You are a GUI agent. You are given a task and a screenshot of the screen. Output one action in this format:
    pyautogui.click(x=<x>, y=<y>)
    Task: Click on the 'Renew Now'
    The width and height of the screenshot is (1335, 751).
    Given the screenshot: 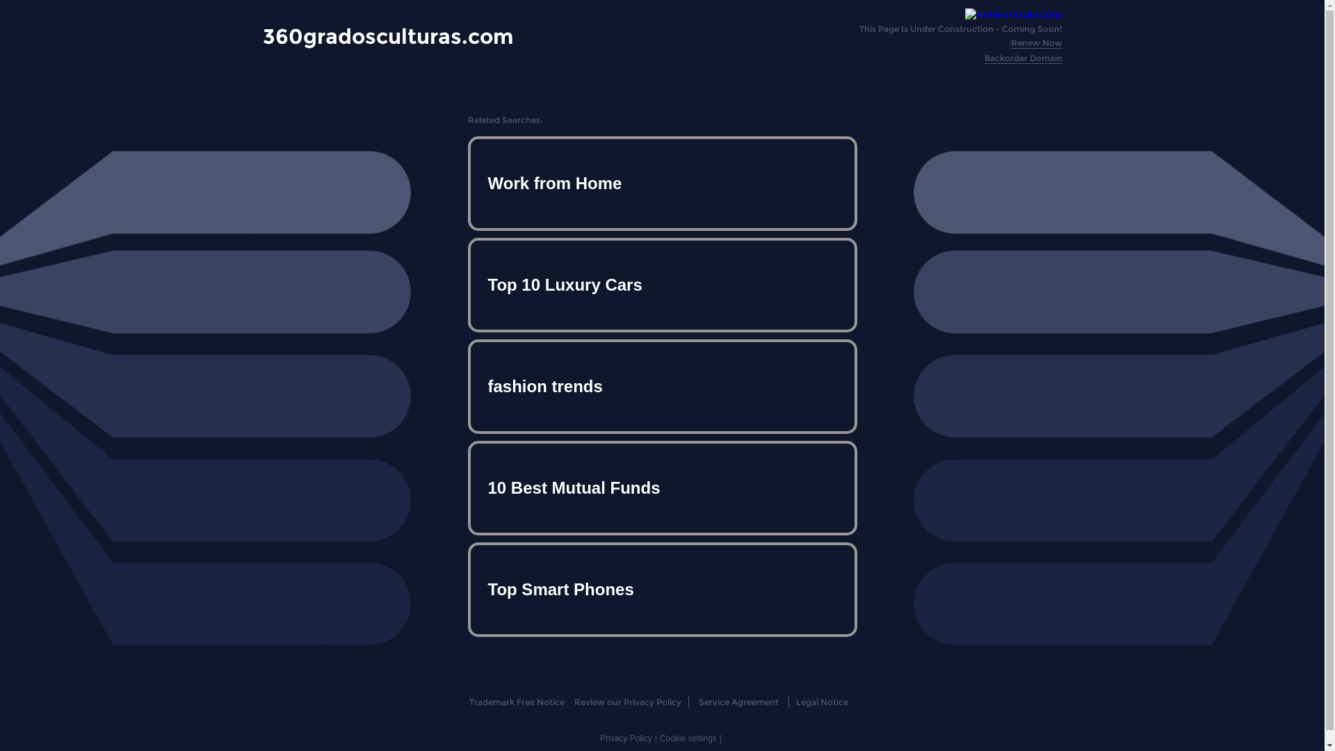 What is the action you would take?
    pyautogui.click(x=1037, y=42)
    